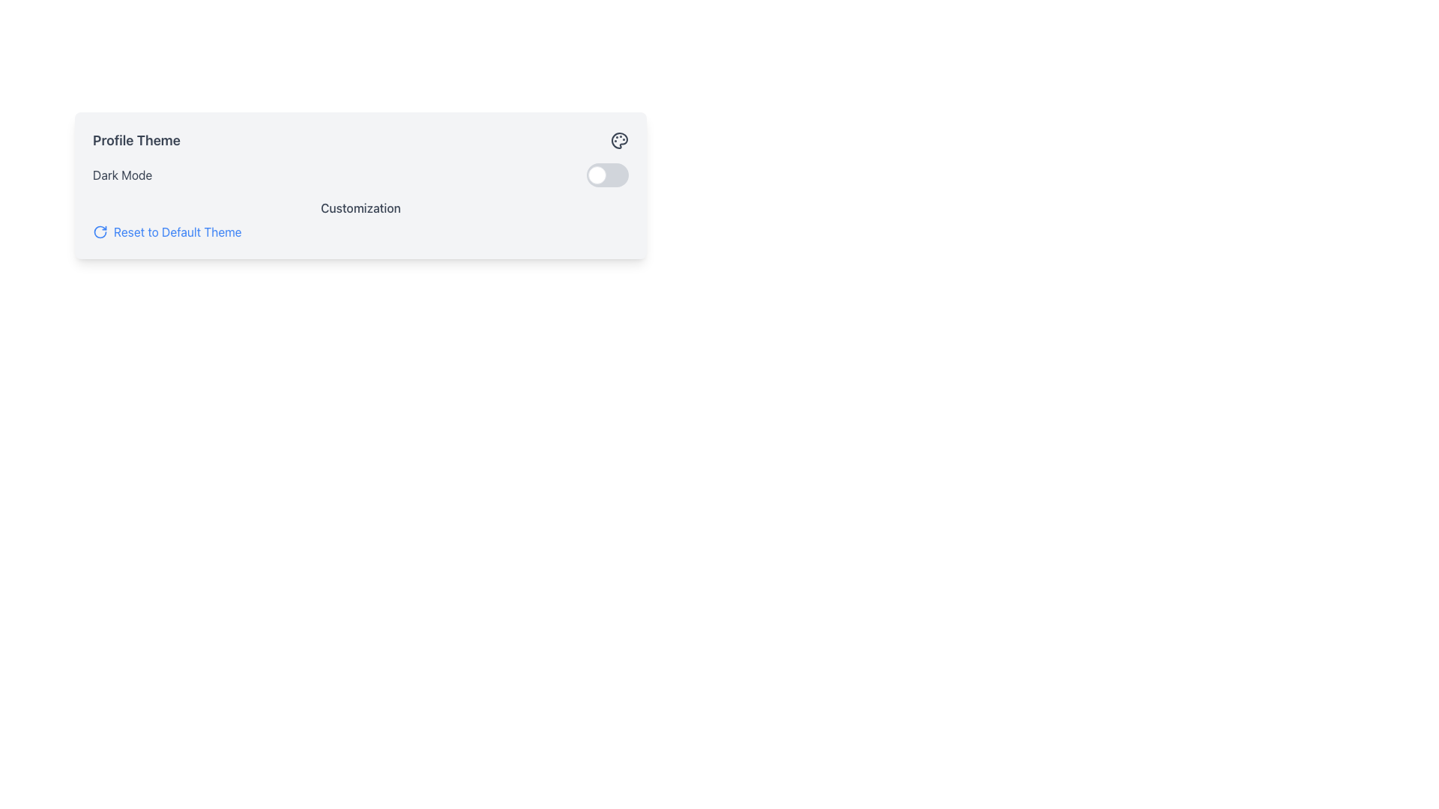 The height and width of the screenshot is (809, 1439). I want to click on the non-interactive text label that denotes the purpose of the 'CustomizationReset to Default Theme' section, which is positioned above the clickable link labeled 'Reset to Default Theme', so click(360, 207).